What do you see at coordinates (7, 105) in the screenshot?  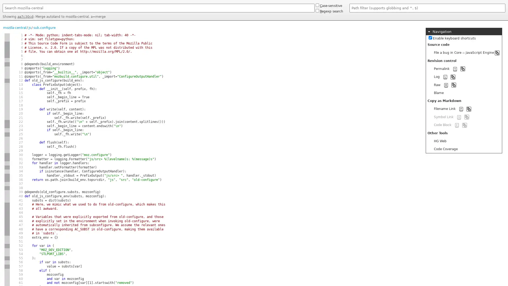 I see `same hash 6` at bounding box center [7, 105].